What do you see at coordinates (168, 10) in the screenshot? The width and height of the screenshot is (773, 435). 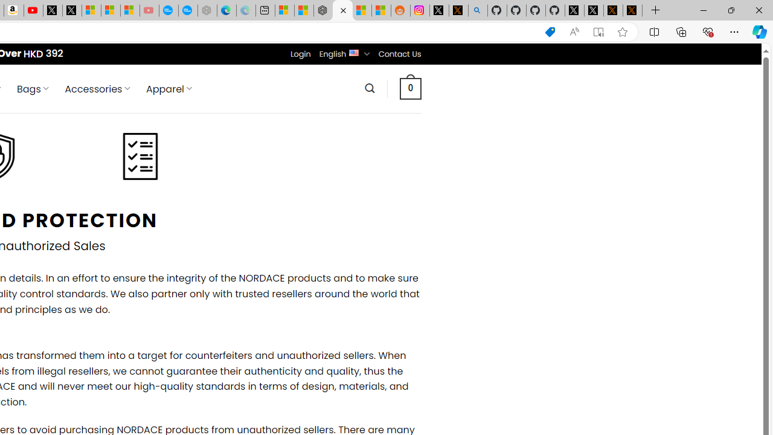 I see `'Opinion: Op-Ed and Commentary - USA TODAY'` at bounding box center [168, 10].